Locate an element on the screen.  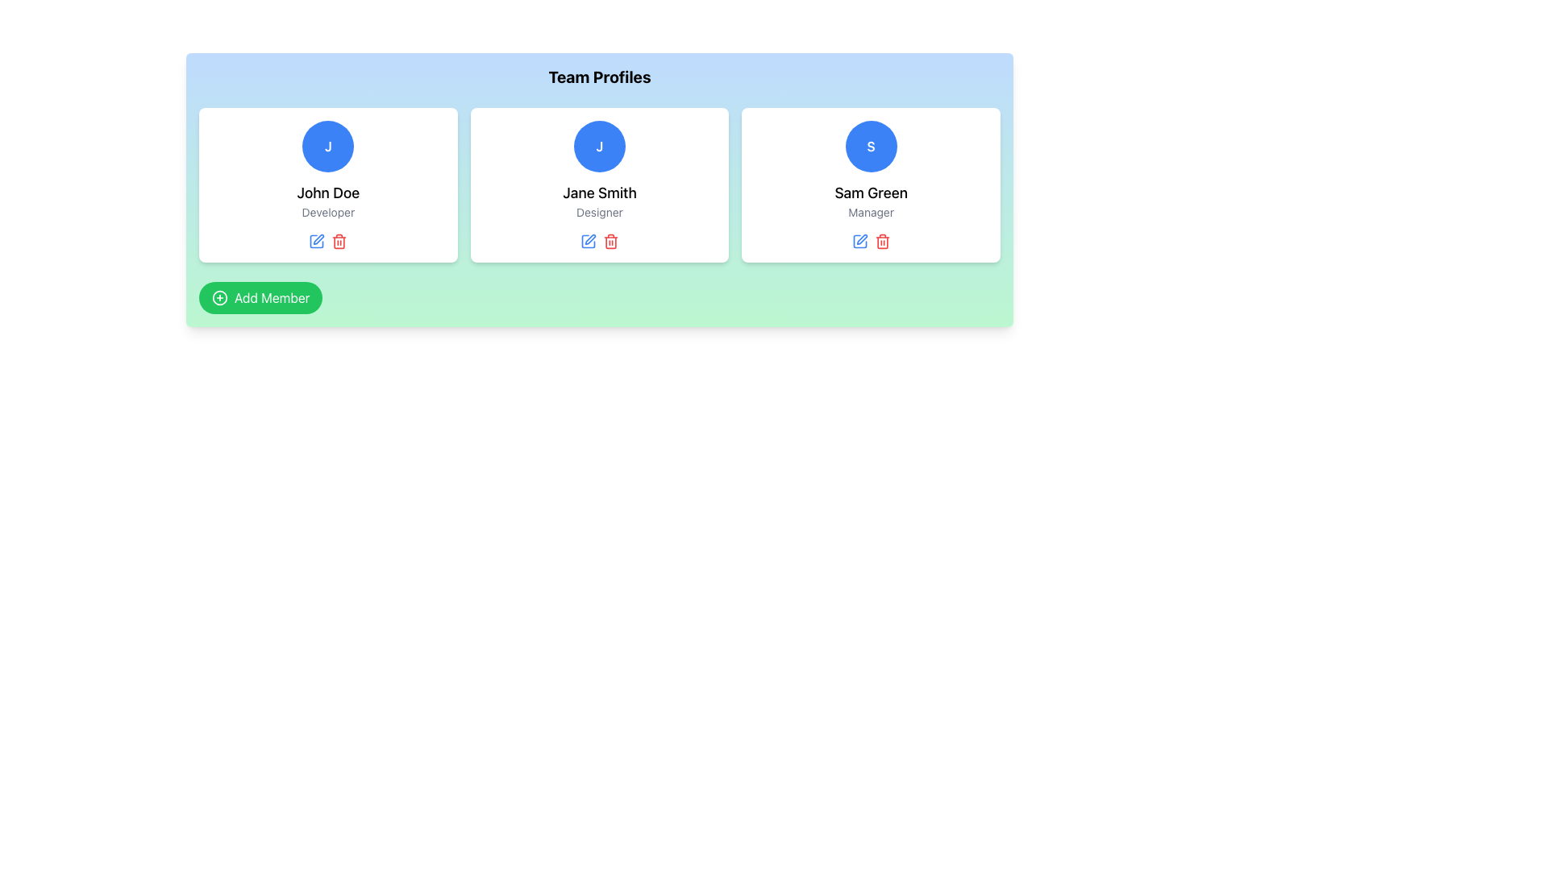
the editing icon button adjacent to 'John Doe' in the profile card to activate the editing feature is located at coordinates (317, 242).